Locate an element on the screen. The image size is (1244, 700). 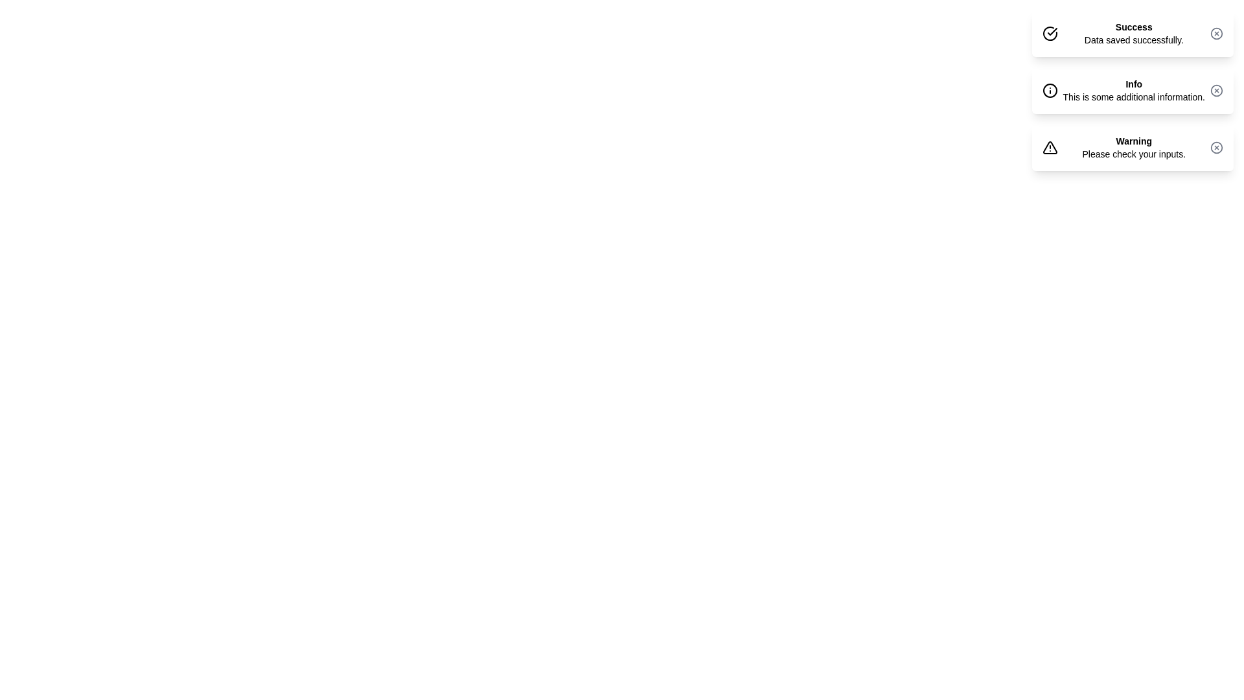
the notification box displaying the 'Success' message, which includes the bold word 'Success' and the text 'Data saved successfully.' is located at coordinates (1133, 32).